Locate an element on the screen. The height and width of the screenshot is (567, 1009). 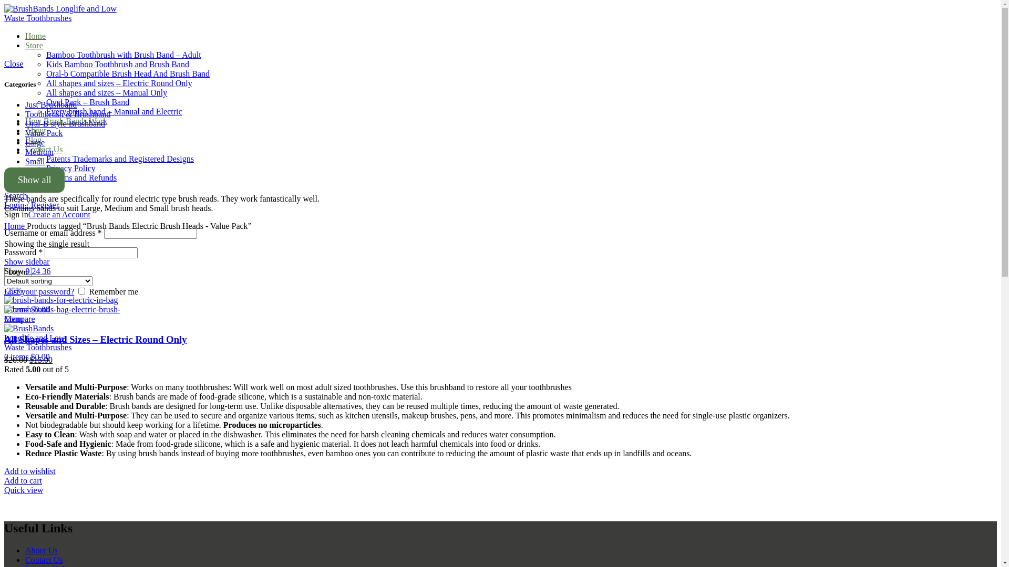
'Toothbrush & Brushband' is located at coordinates (67, 114).